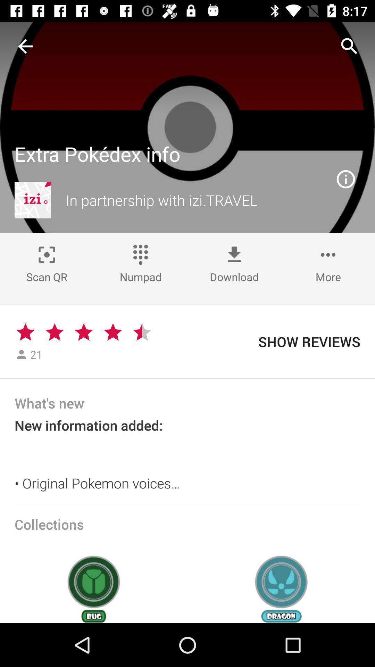 This screenshot has height=667, width=375. What do you see at coordinates (187, 458) in the screenshot?
I see `icon below the what's new icon` at bounding box center [187, 458].